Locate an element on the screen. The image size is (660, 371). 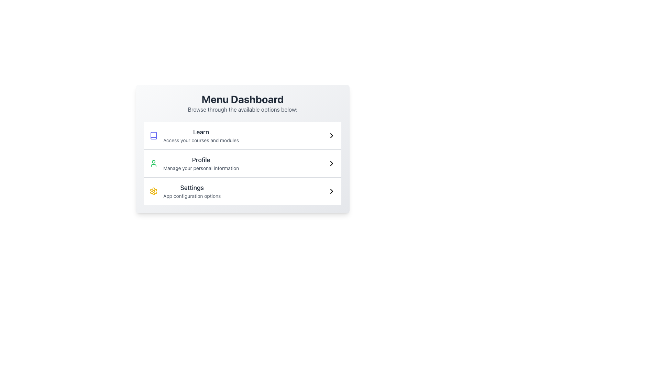
the navigational button located in the Menu Dashboard section is located at coordinates (242, 163).